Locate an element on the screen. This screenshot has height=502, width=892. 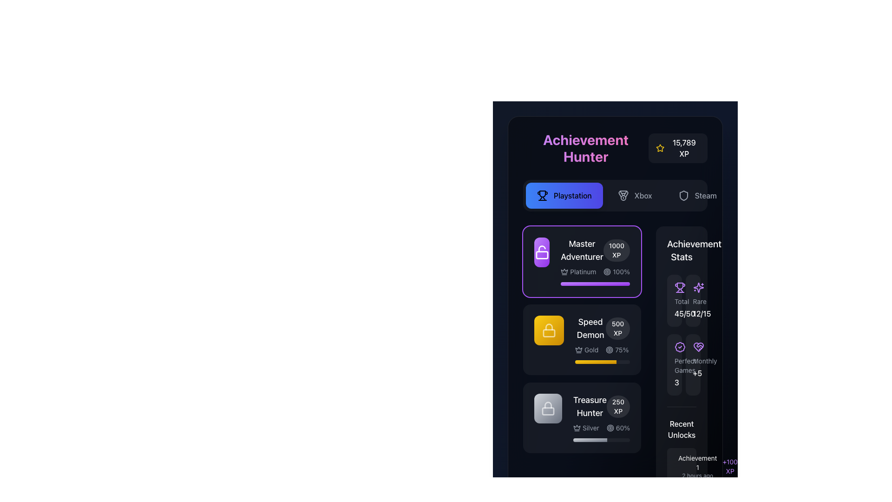
the 'Gold' label with light gray font on a dark background, located in the 'Speed Demon' card, to the right of the crown icon is located at coordinates (591, 350).